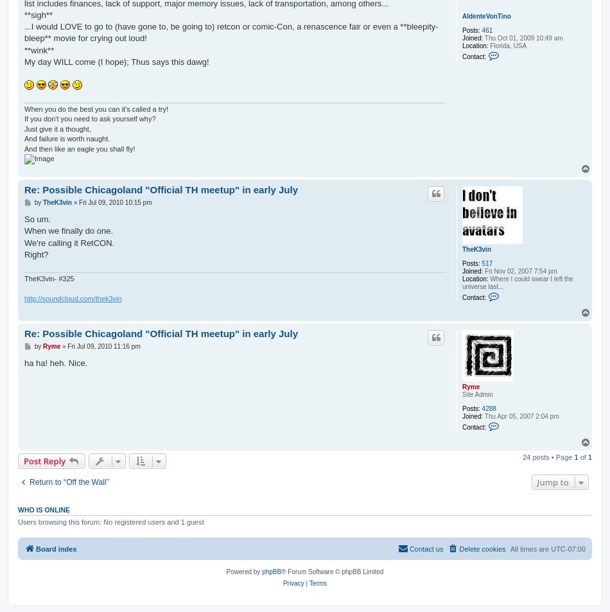  What do you see at coordinates (96, 109) in the screenshot?
I see `'When you do the best you can it's called a try!'` at bounding box center [96, 109].